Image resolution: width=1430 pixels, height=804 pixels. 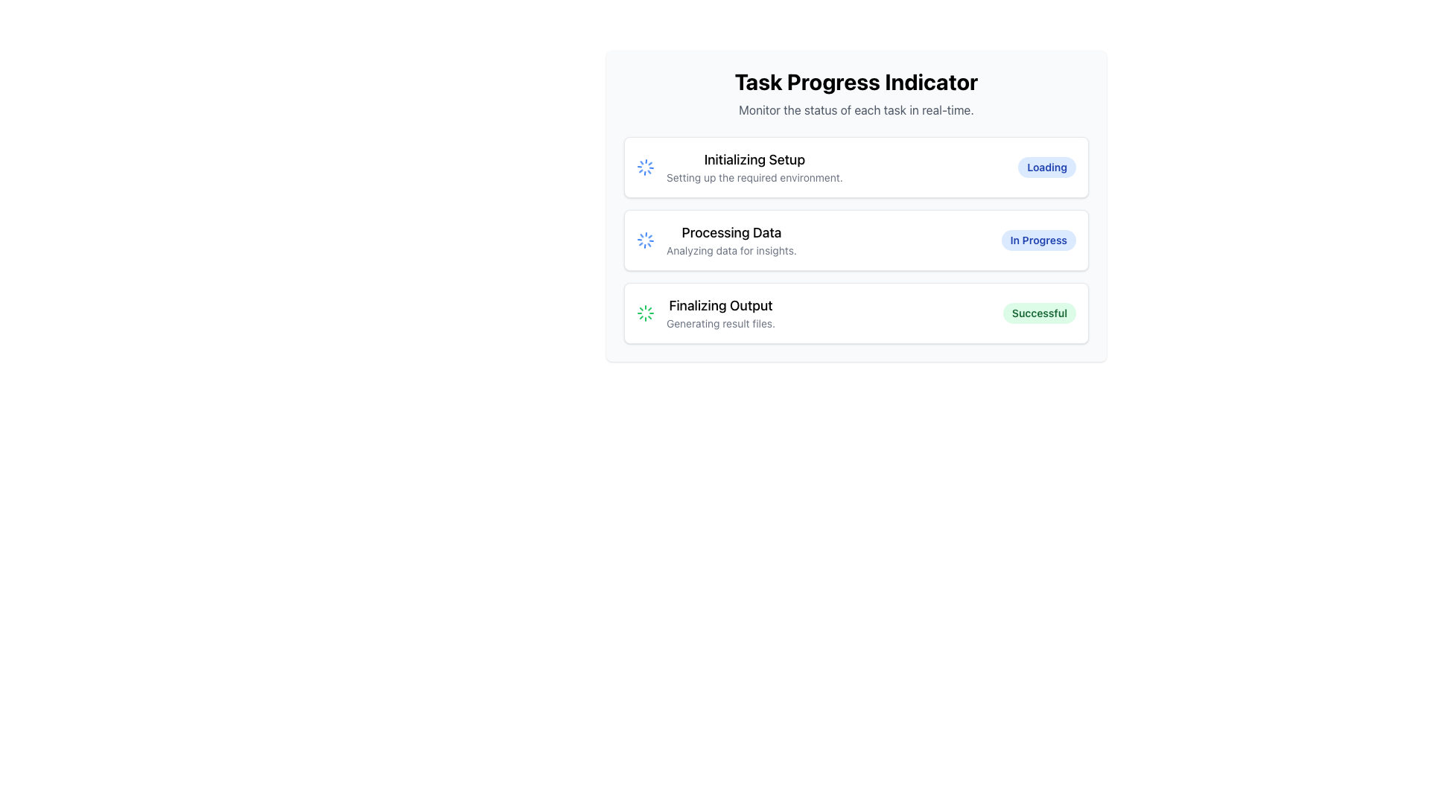 What do you see at coordinates (721, 305) in the screenshot?
I see `the descriptive header text label for the task status located above 'Generating result files' in the third section of the task statuses` at bounding box center [721, 305].